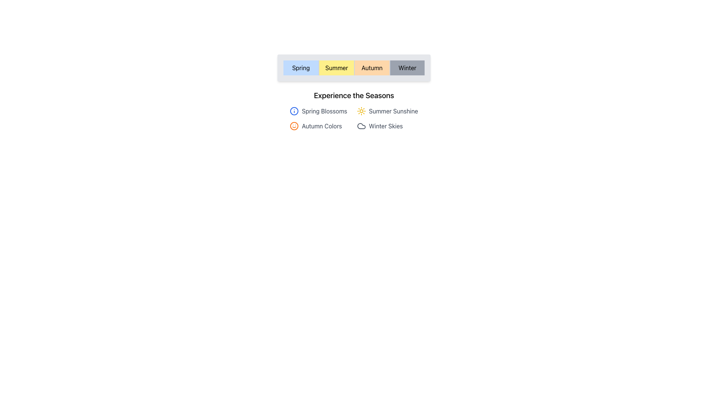 This screenshot has height=403, width=717. Describe the element at coordinates (294, 126) in the screenshot. I see `the SVG Circle Element representing the smiling face icon associated with the Autumn Colors label, located in the lower left portion of the Experience section` at that location.